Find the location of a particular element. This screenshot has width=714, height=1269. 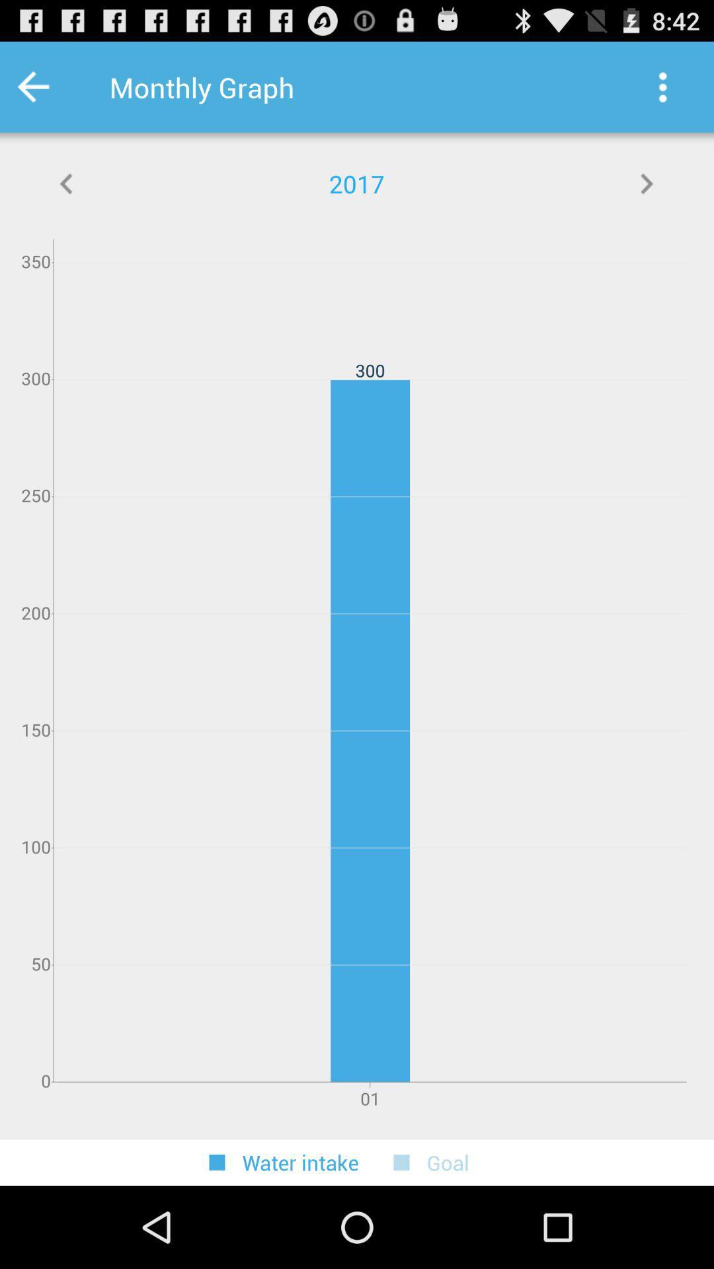

app to the left of the 2017 app is located at coordinates (67, 183).